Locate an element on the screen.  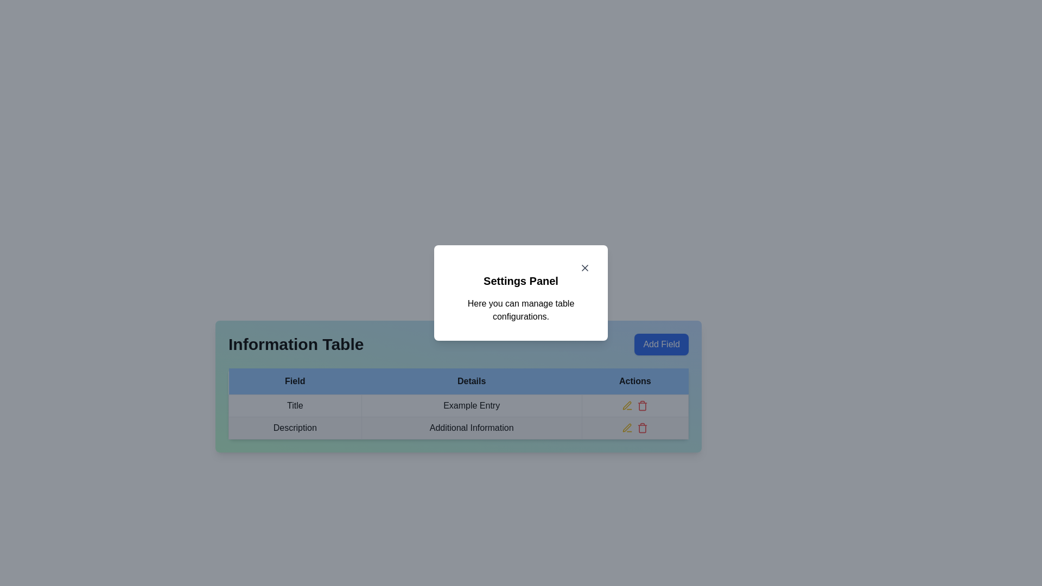
the static text element that reads 'Here you can manage table configurations.' located within the 'Settings Panel' dialog box is located at coordinates (521, 310).